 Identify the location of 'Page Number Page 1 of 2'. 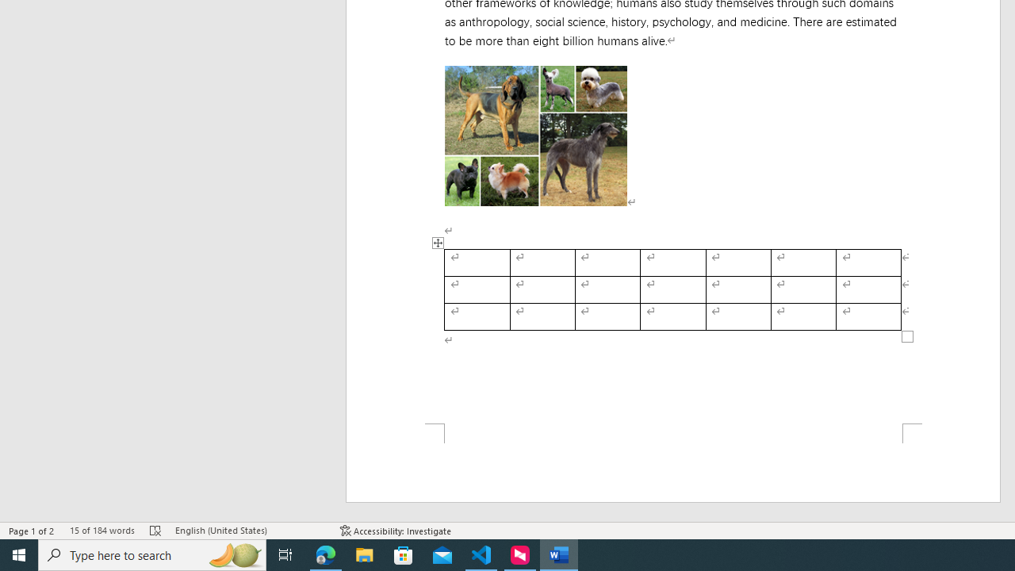
(32, 531).